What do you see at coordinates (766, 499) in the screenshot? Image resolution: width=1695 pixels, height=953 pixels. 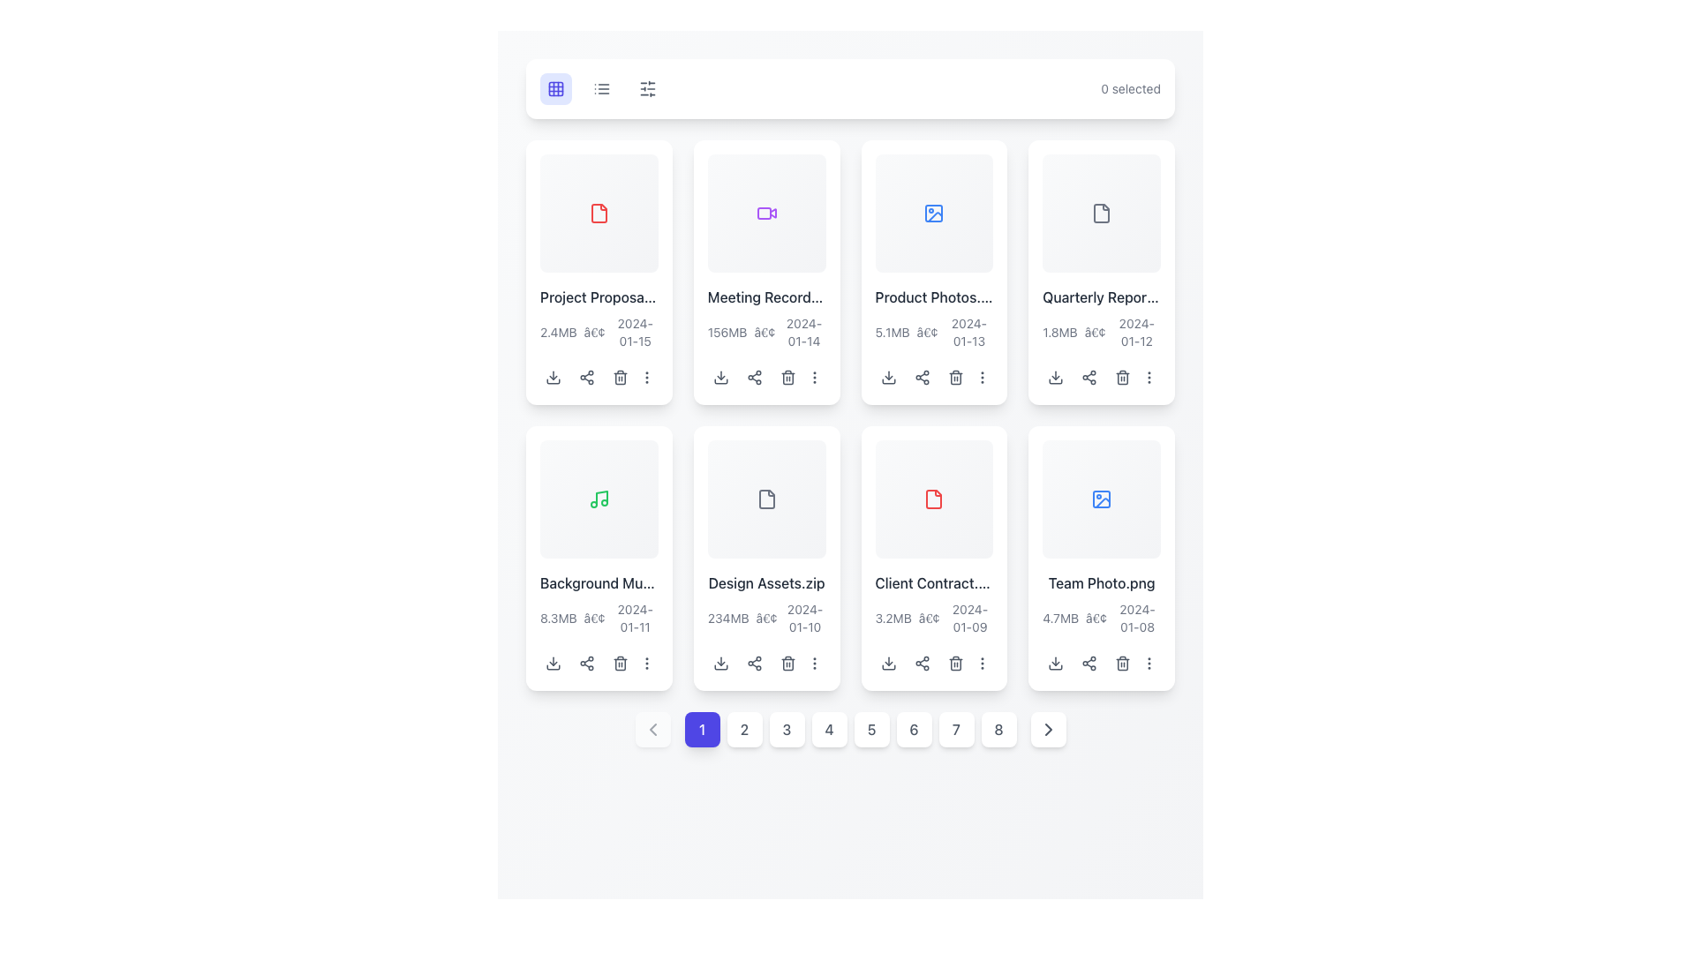 I see `the file icon located in the fourth card of the top row in the grid layout, which has a gray color scheme and is styled with rounded corners` at bounding box center [766, 499].